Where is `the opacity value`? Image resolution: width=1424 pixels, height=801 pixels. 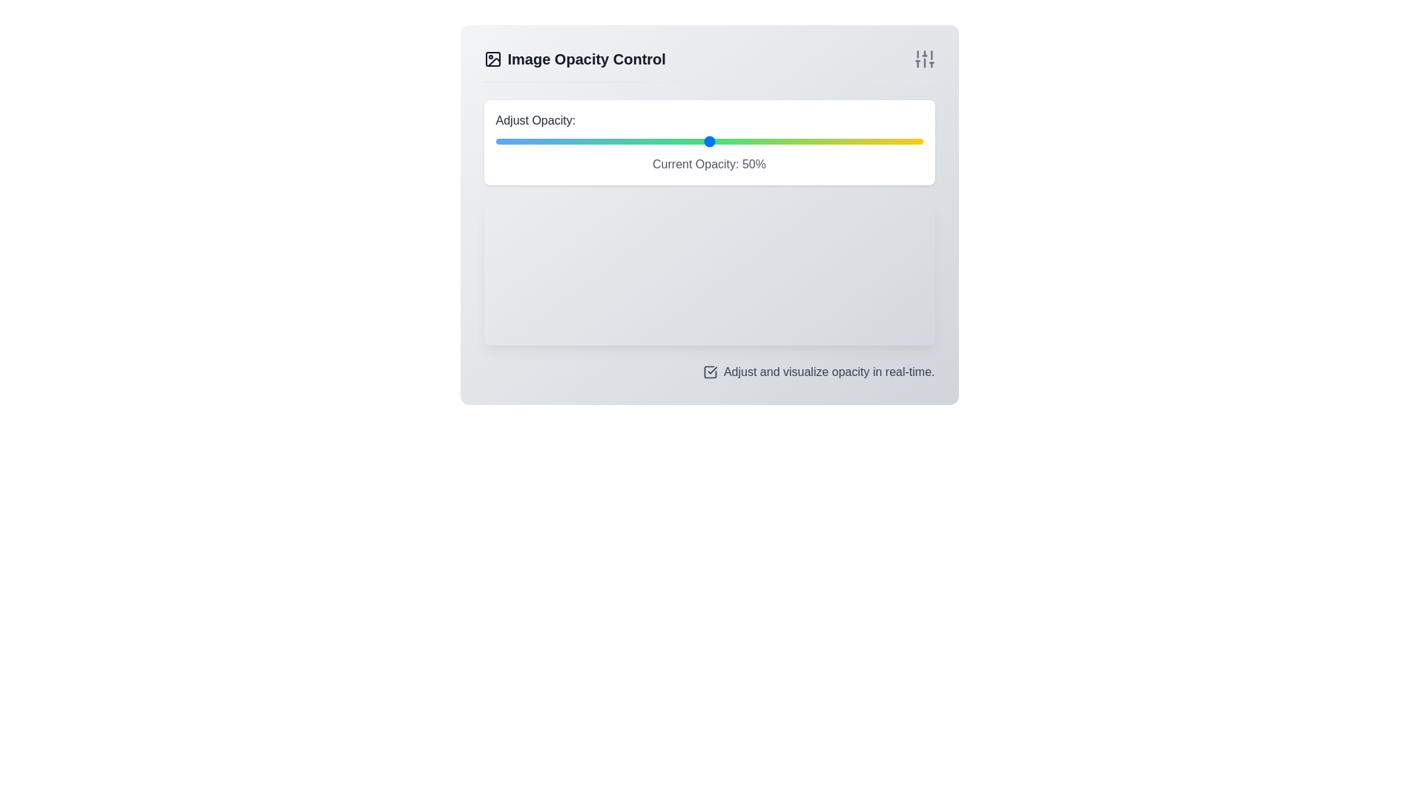
the opacity value is located at coordinates (785, 142).